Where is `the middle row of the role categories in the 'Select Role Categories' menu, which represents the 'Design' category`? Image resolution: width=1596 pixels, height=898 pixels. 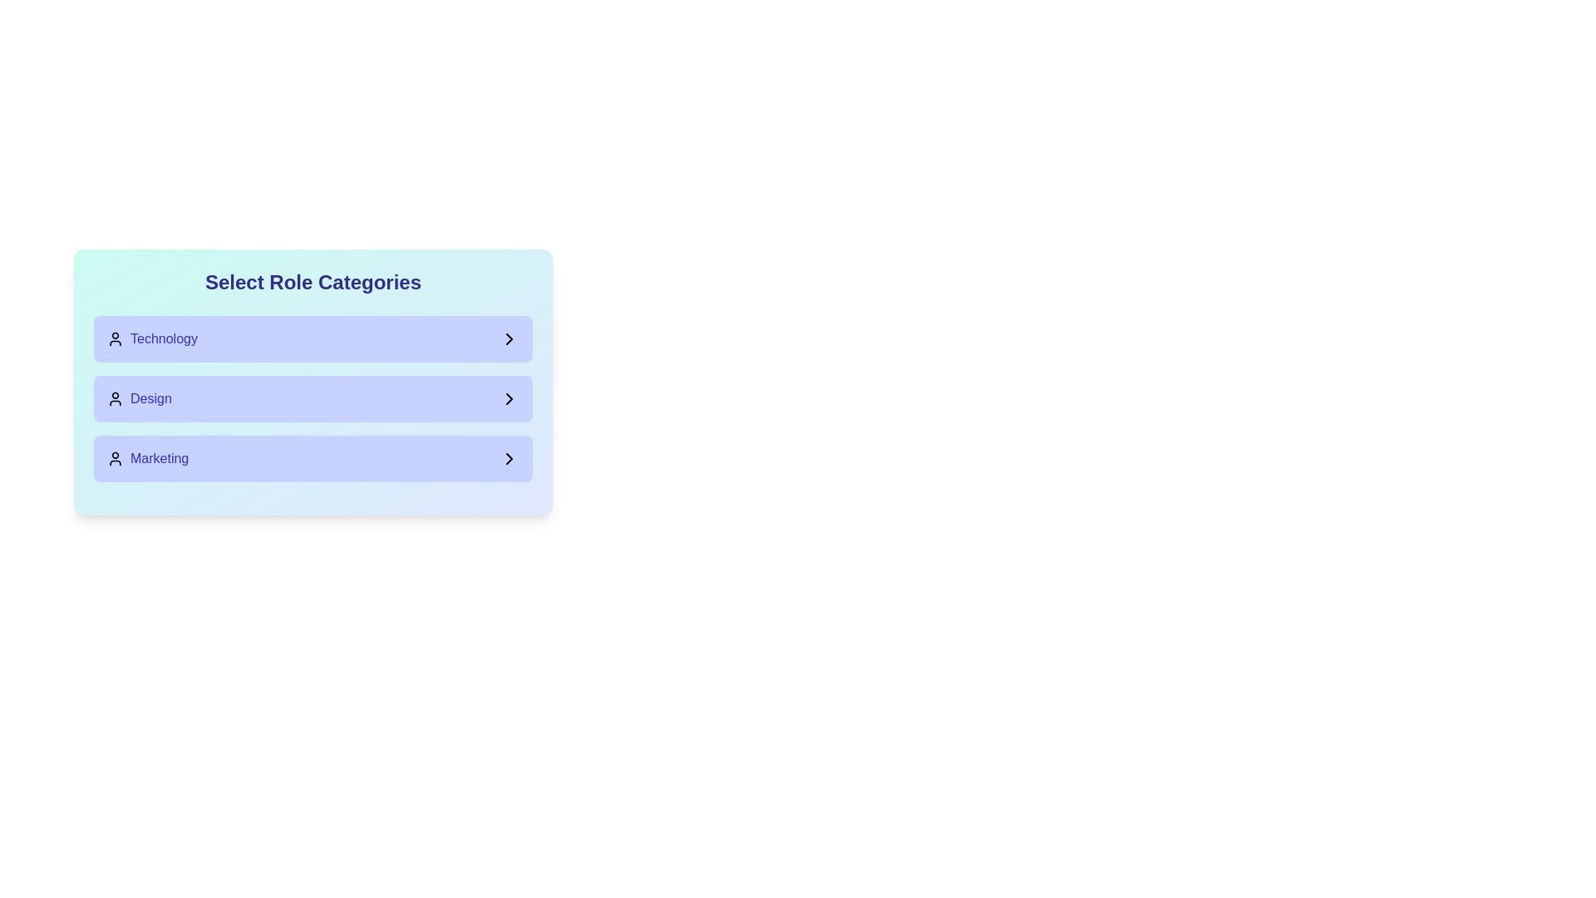
the middle row of the role categories in the 'Select Role Categories' menu, which represents the 'Design' category is located at coordinates (313, 398).